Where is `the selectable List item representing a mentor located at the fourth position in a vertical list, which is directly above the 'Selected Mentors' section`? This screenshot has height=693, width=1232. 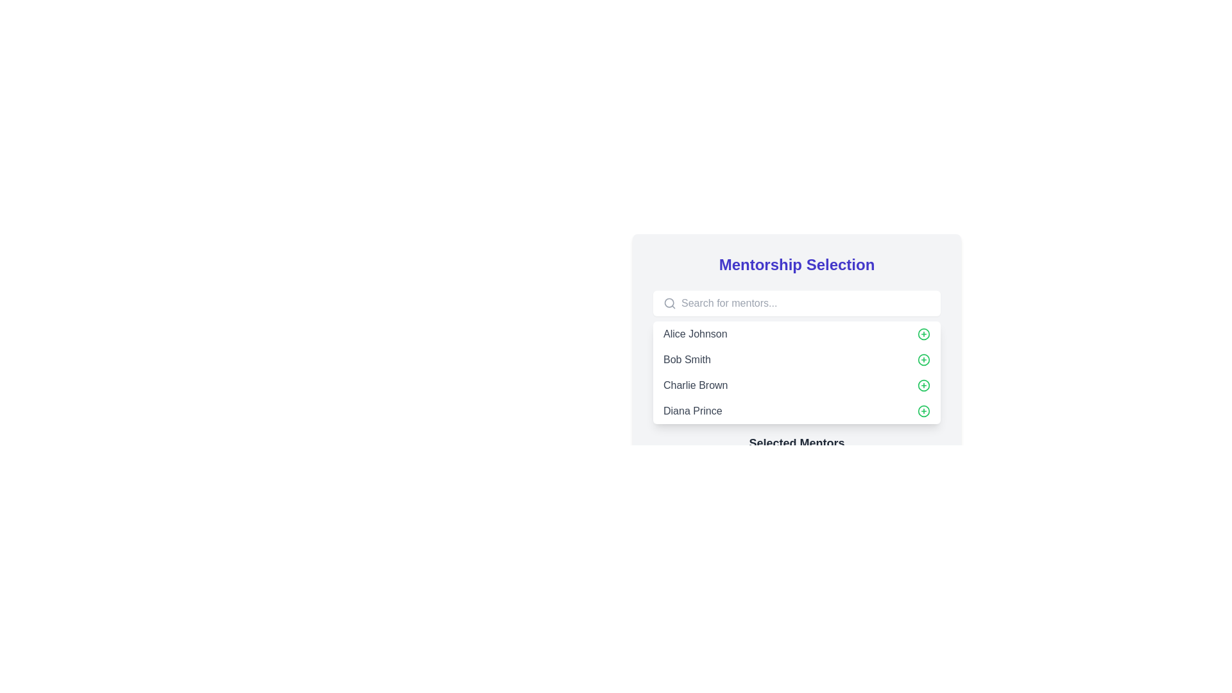 the selectable List item representing a mentor located at the fourth position in a vertical list, which is directly above the 'Selected Mentors' section is located at coordinates (796, 411).